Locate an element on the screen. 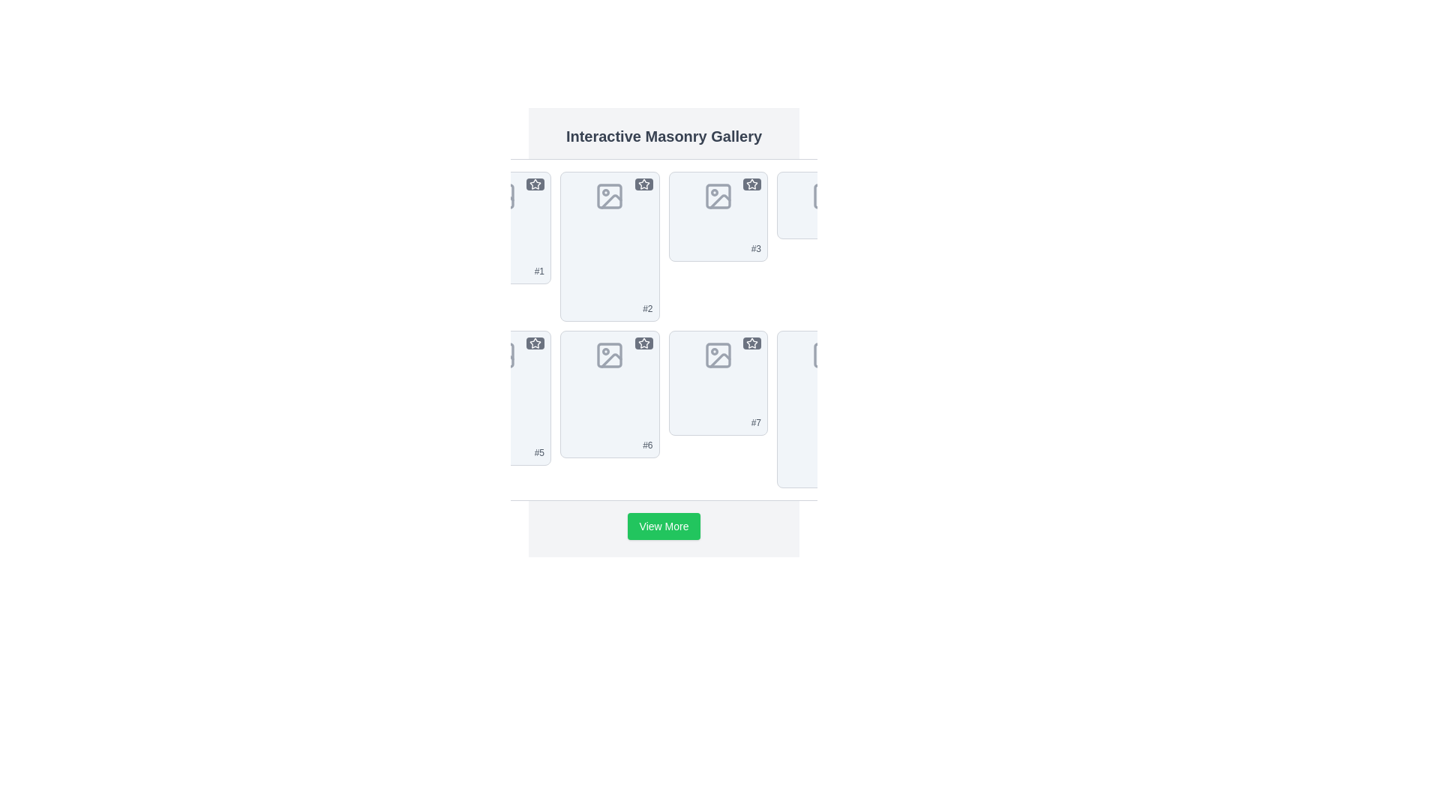 Image resolution: width=1440 pixels, height=810 pixels. the star icon located in the top-right corner of box '#2' in the 'Interactive Masonry Gallery' to mark the associated item as a favorite is located at coordinates (643, 184).